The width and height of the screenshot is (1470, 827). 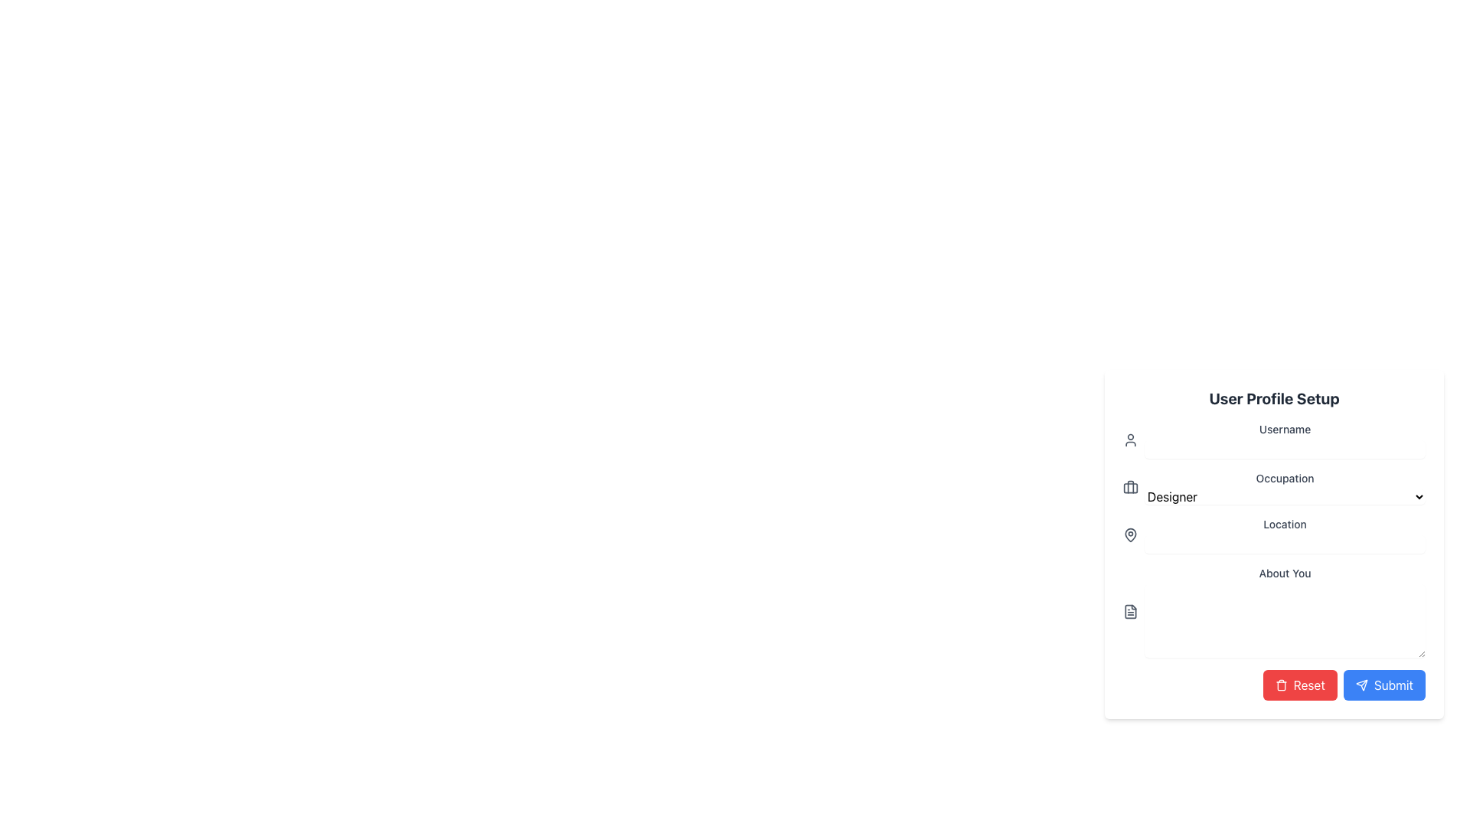 I want to click on the 'Reset' button with a red background and white text displaying a trash can icon, located to the left of the blue 'Submit' button at the bottom of the form, so click(x=1274, y=684).